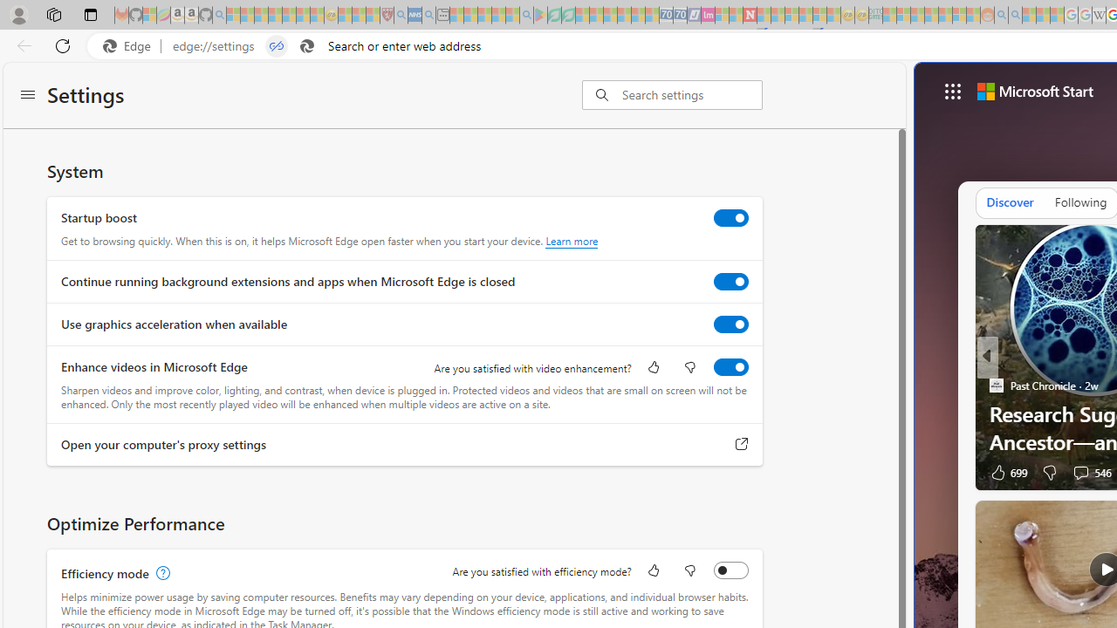  I want to click on 'Enhance videos in Microsoft Edge', so click(730, 366).